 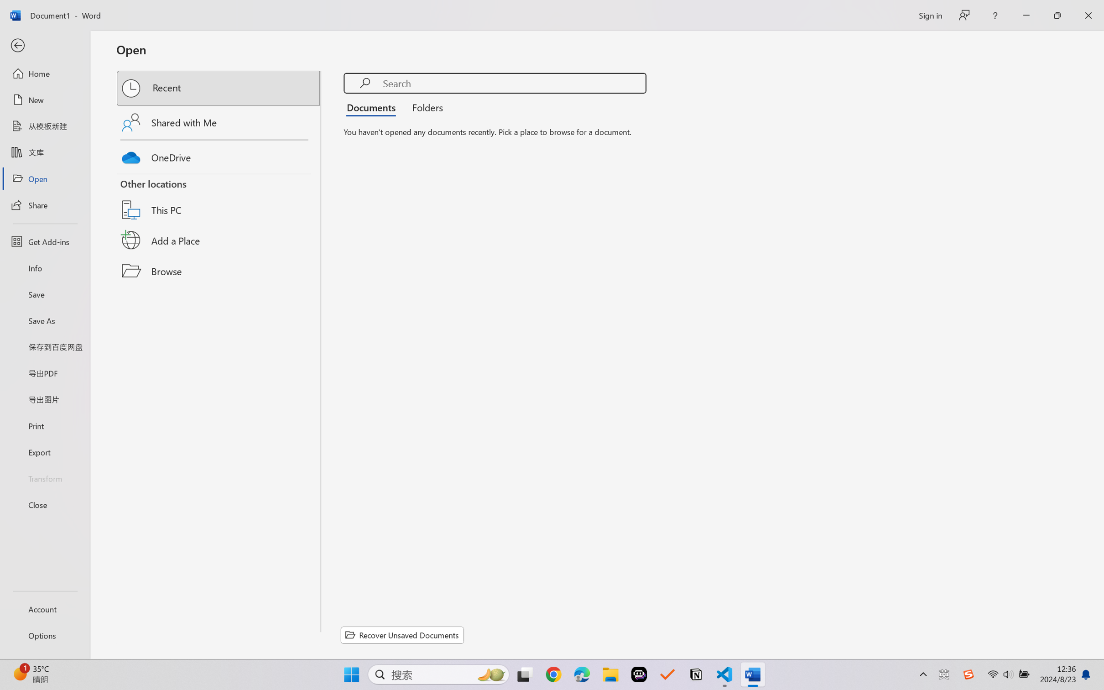 I want to click on 'Back', so click(x=44, y=46).